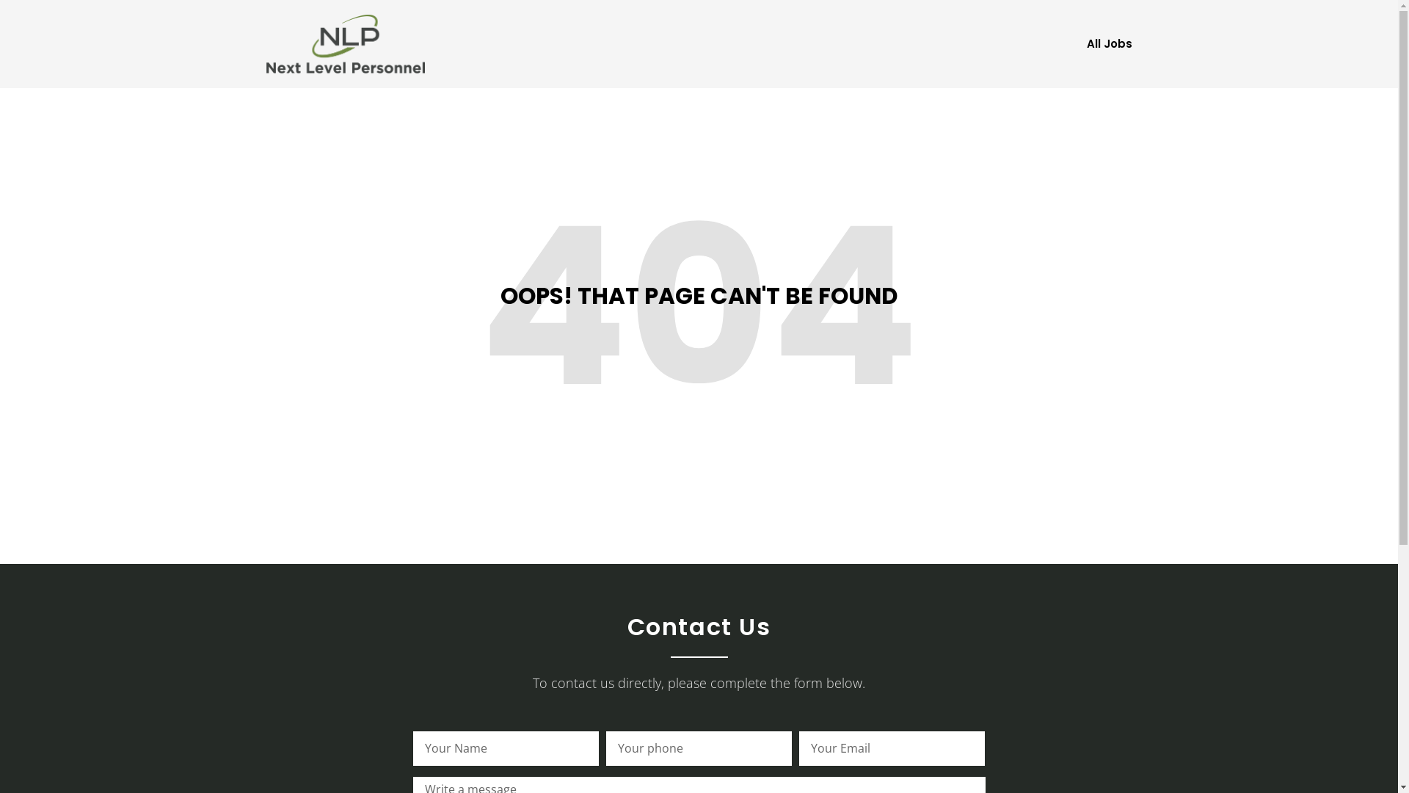 Image resolution: width=1409 pixels, height=793 pixels. Describe the element at coordinates (1109, 43) in the screenshot. I see `'All Jobs'` at that location.